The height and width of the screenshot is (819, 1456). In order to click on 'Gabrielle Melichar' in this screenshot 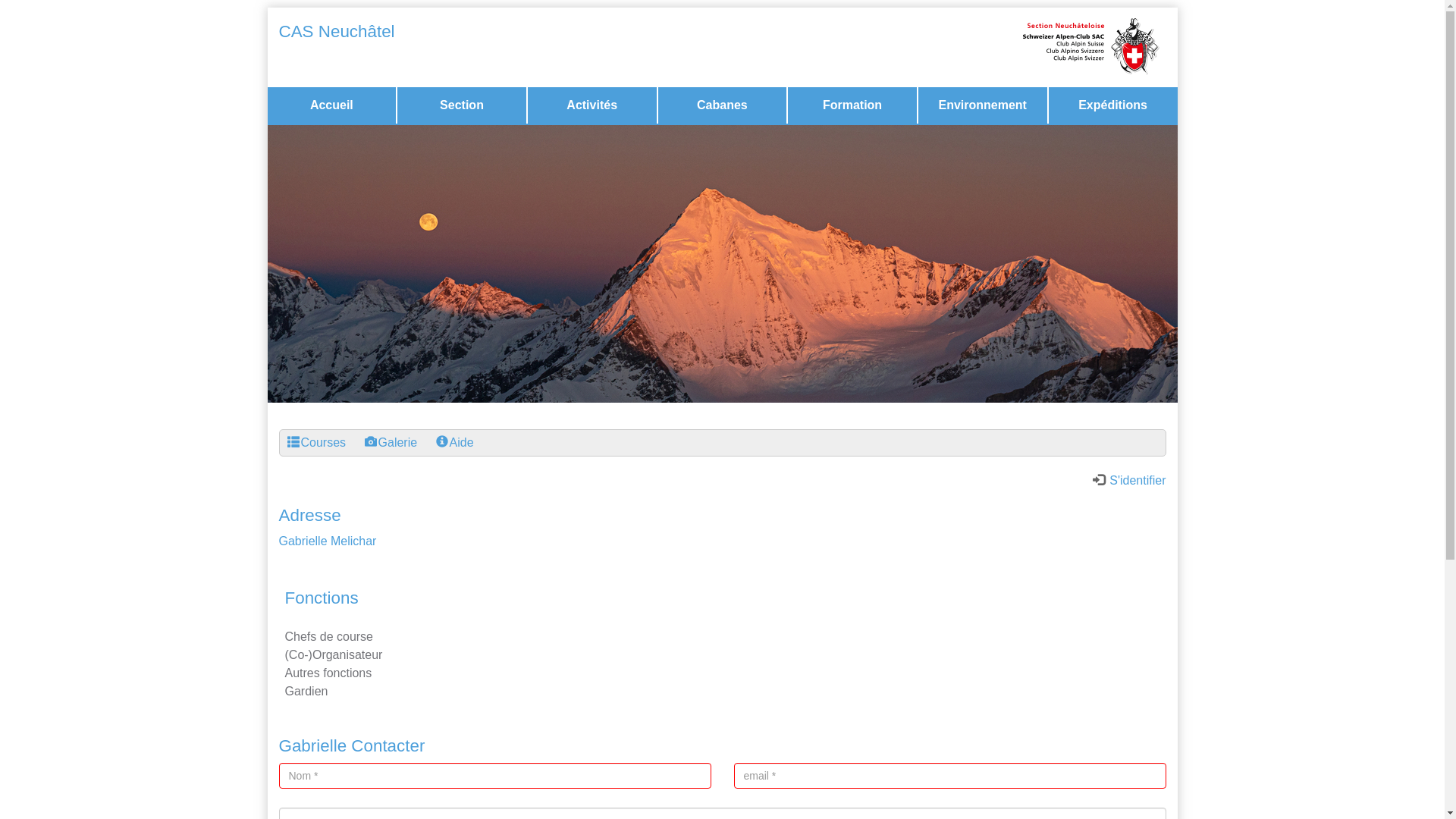, I will do `click(327, 540)`.